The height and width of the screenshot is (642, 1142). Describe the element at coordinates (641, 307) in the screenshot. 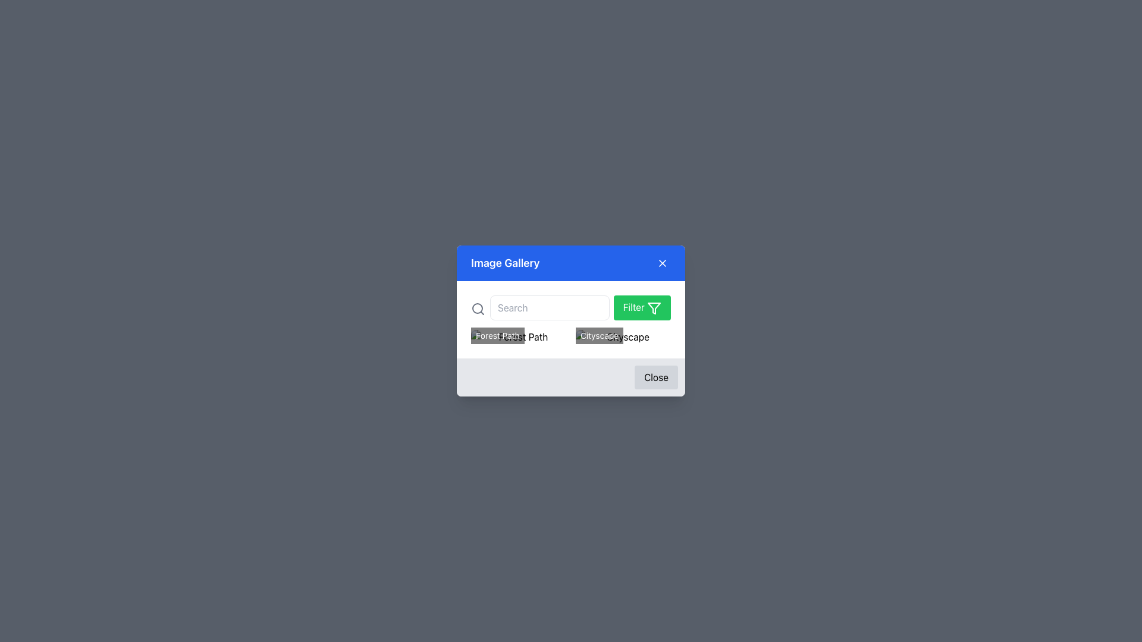

I see `the 'Filter' button located on the right side of the 'Image Gallery' dialog box for keyboard interaction` at that location.